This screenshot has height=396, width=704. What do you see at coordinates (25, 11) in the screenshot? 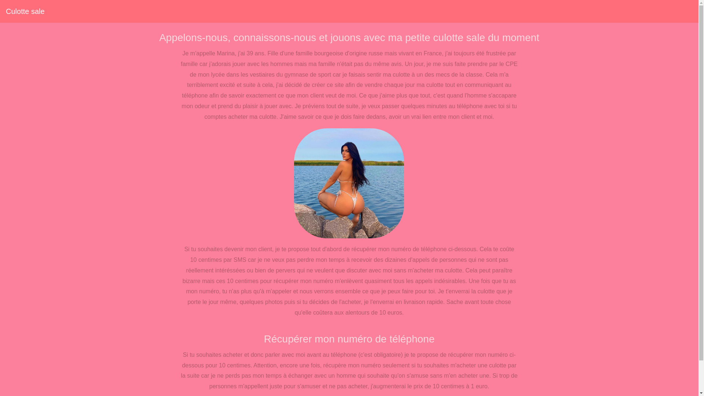
I see `'Culotte sale'` at bounding box center [25, 11].